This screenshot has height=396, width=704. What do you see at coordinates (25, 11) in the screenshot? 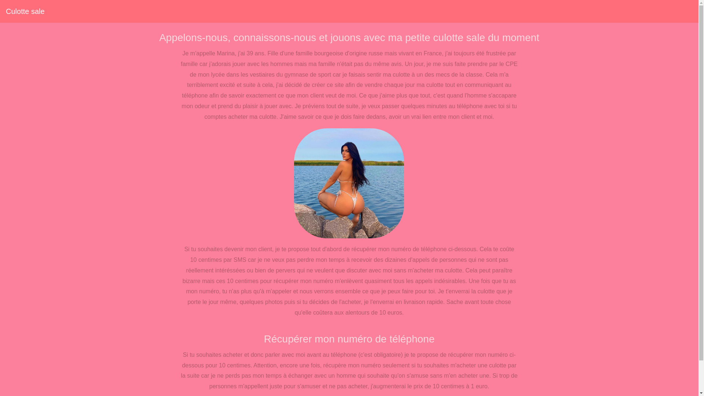
I see `'Culotte sale'` at bounding box center [25, 11].